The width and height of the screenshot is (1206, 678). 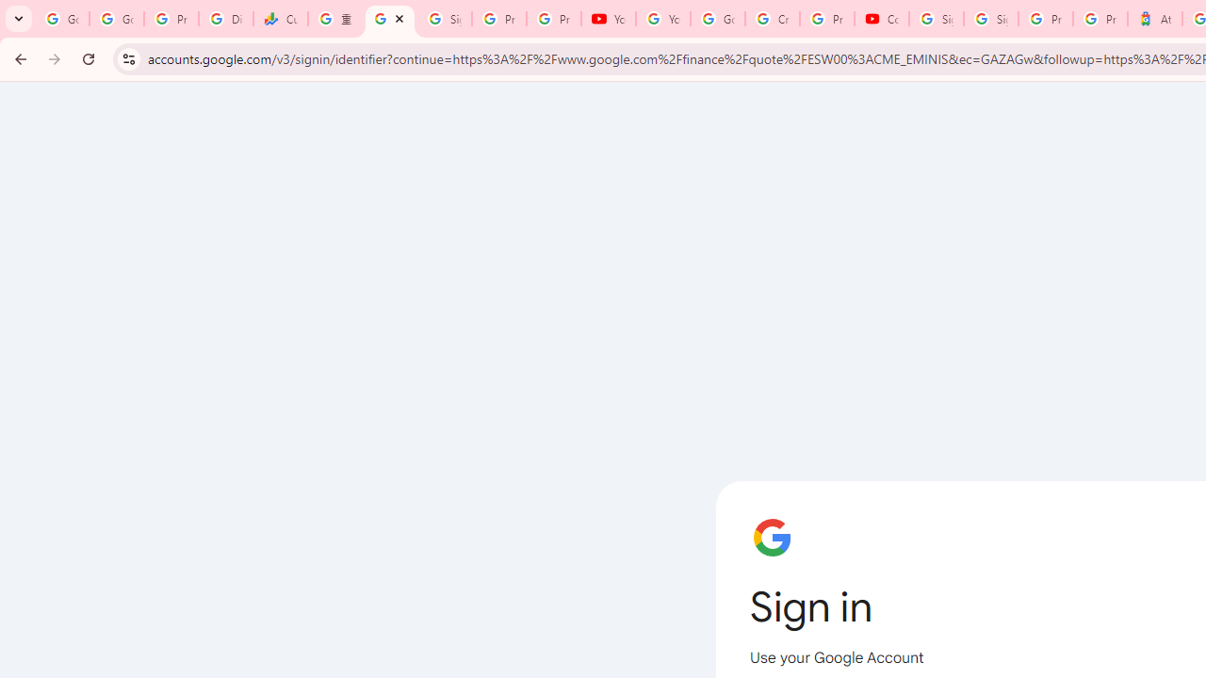 I want to click on 'YouTube', so click(x=663, y=19).